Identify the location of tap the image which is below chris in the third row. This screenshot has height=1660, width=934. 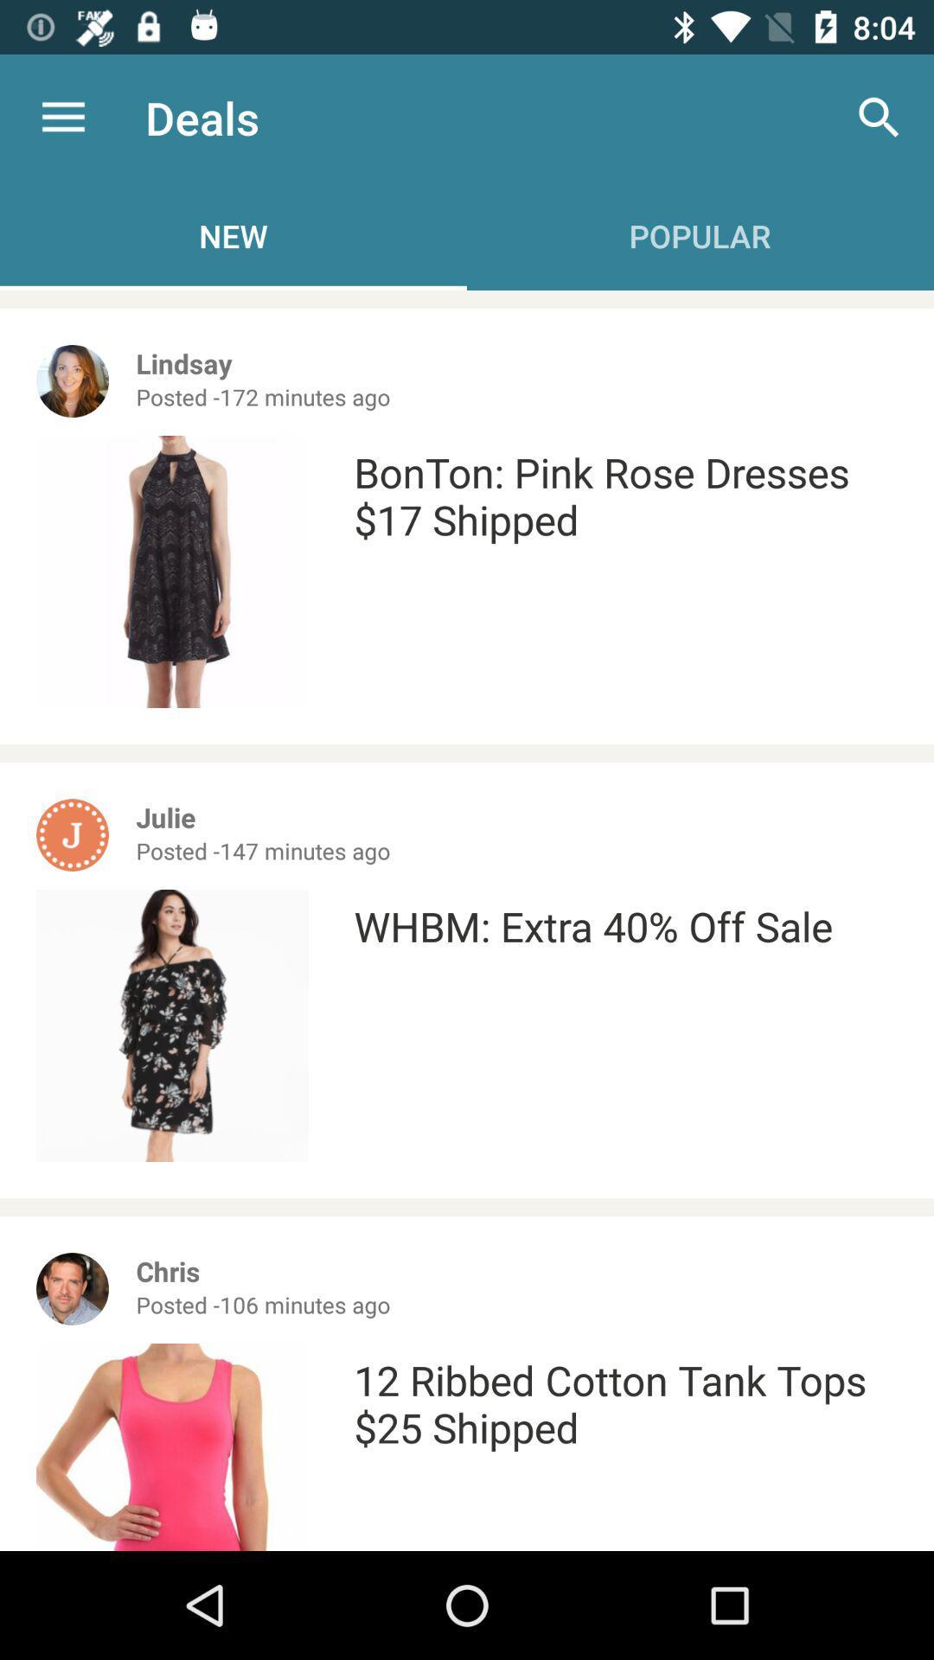
(172, 1447).